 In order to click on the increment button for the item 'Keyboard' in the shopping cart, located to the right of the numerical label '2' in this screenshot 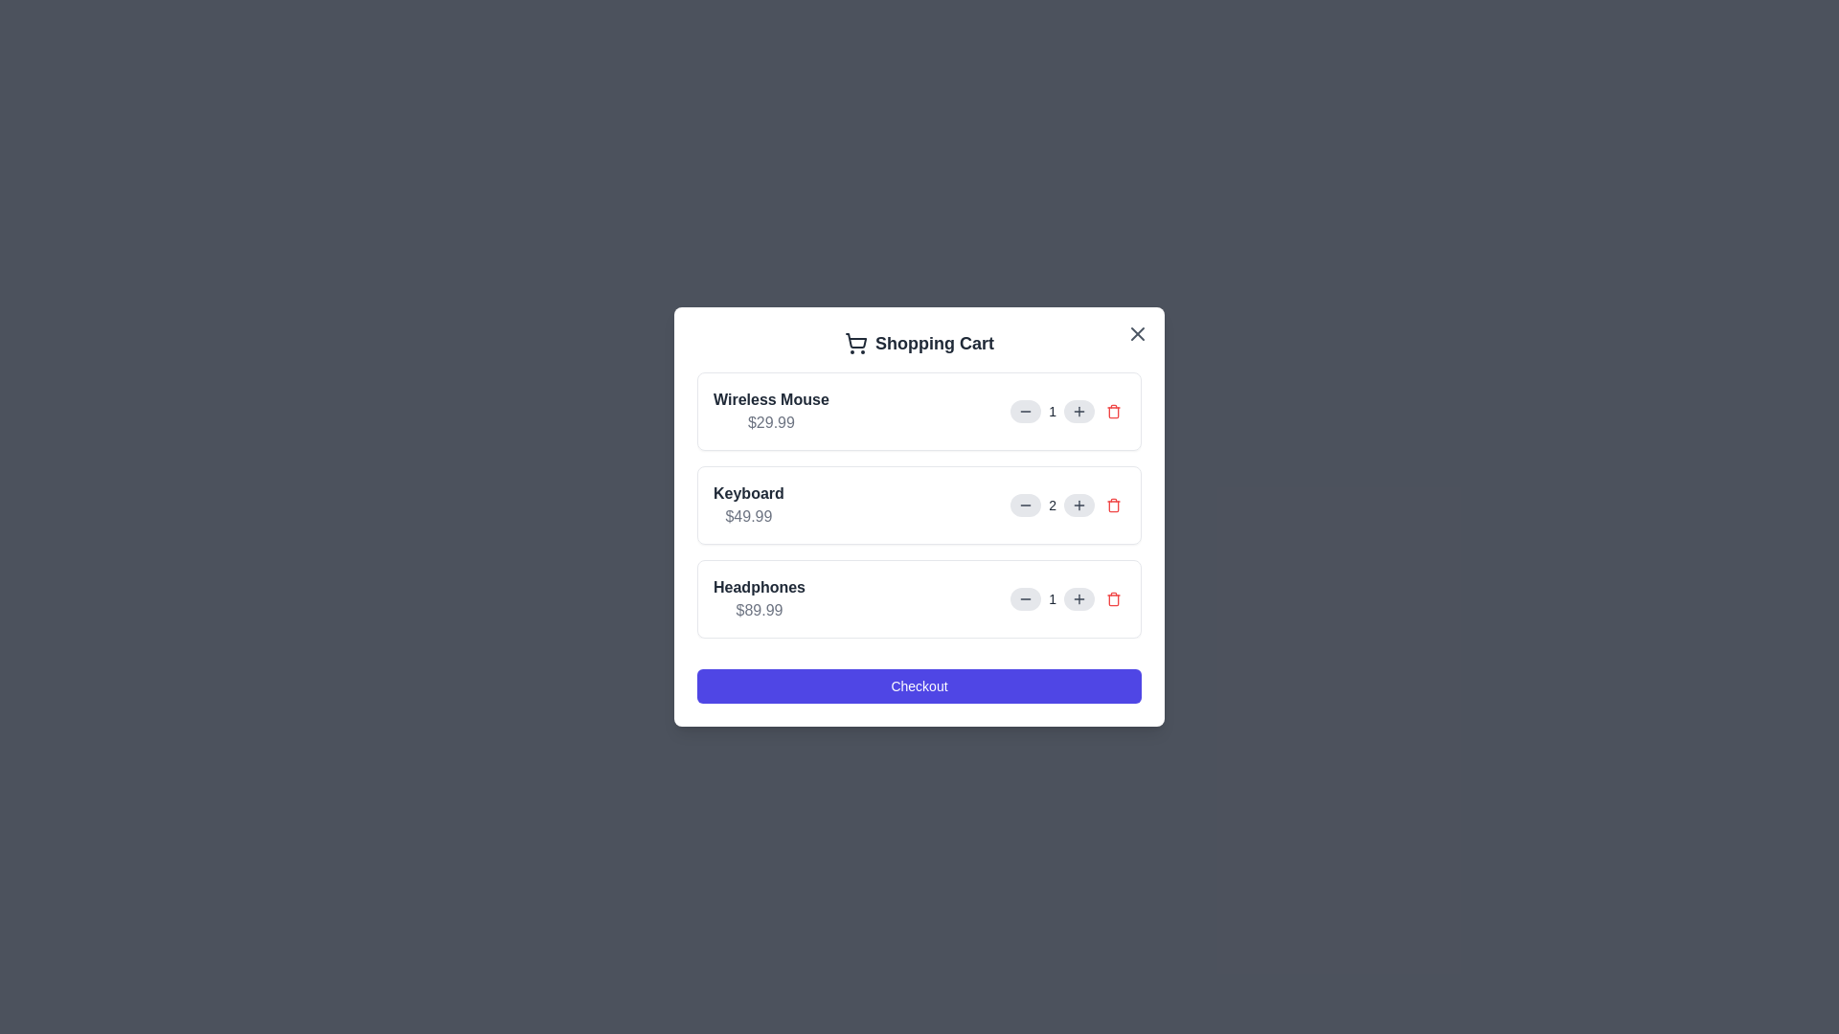, I will do `click(1079, 505)`.